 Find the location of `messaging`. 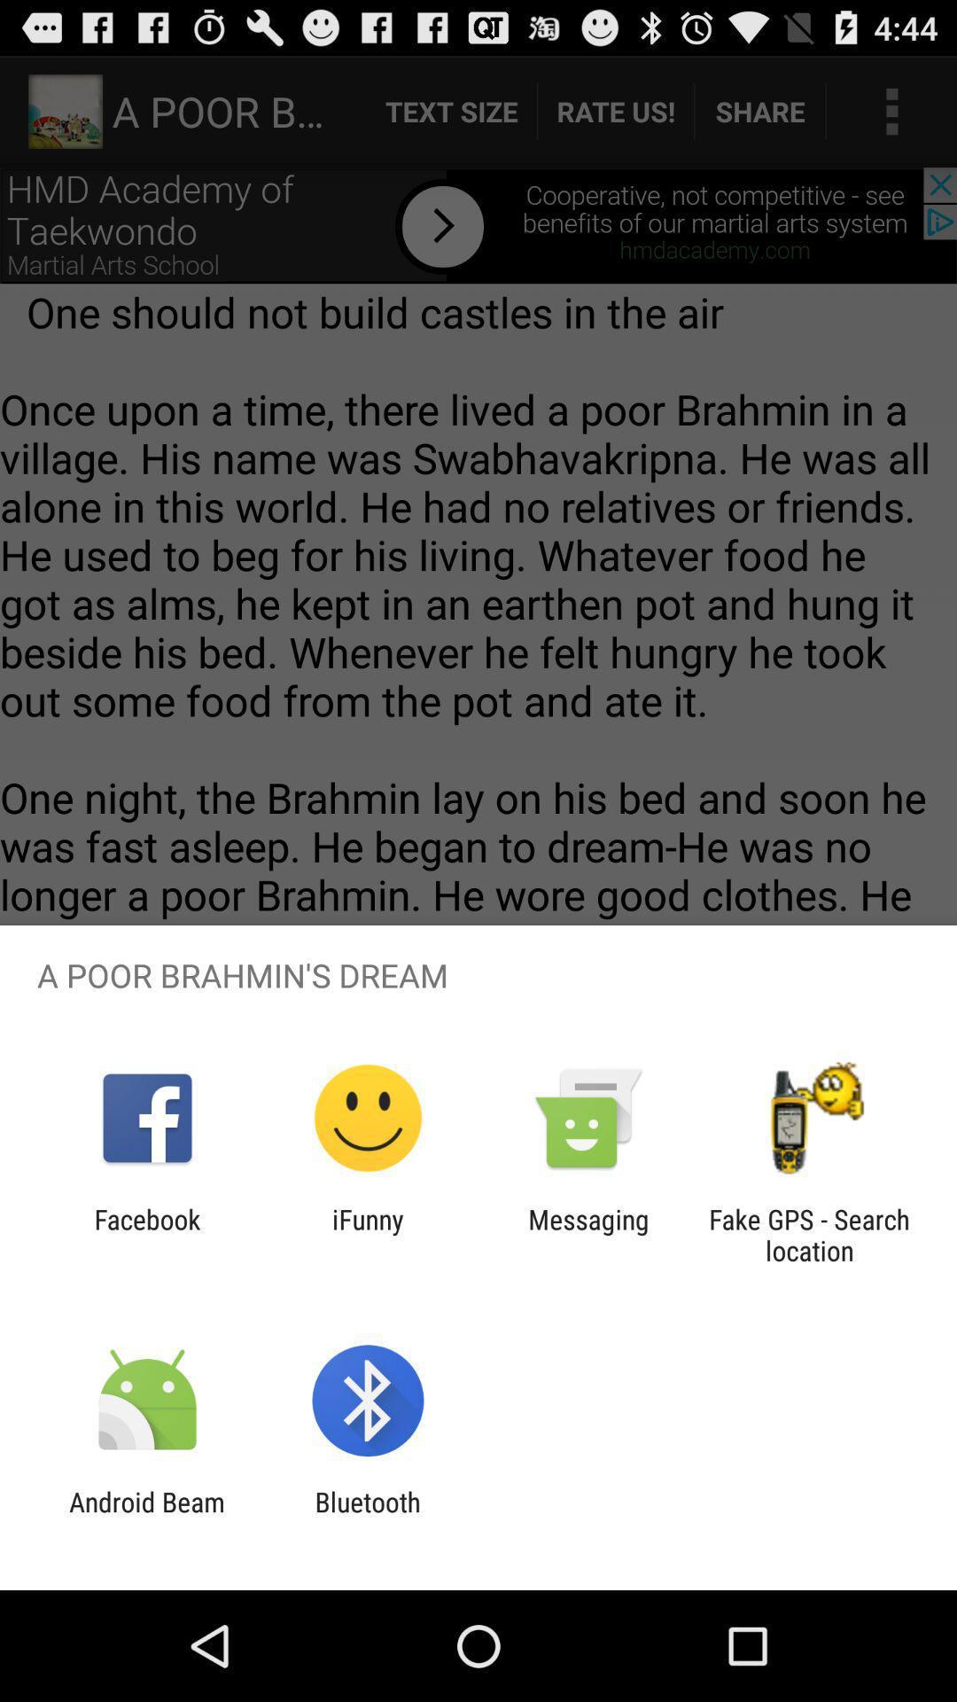

messaging is located at coordinates (588, 1234).